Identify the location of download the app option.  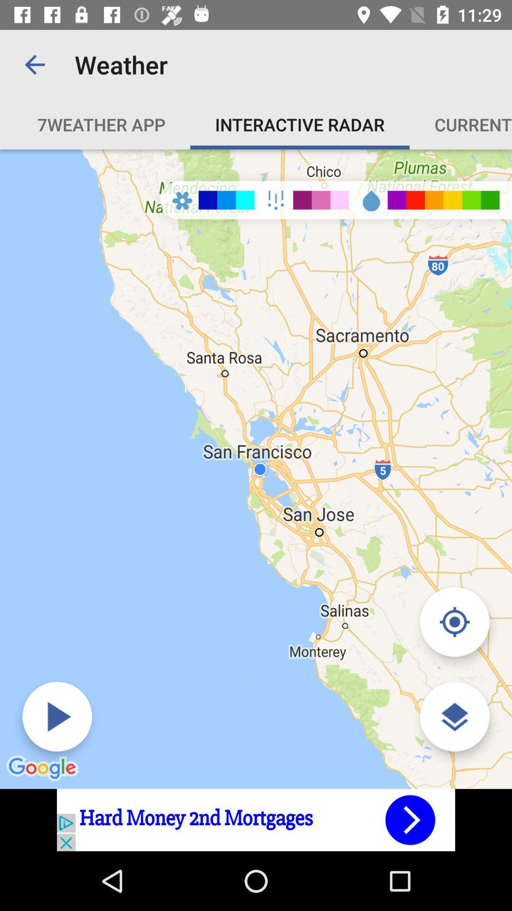
(256, 819).